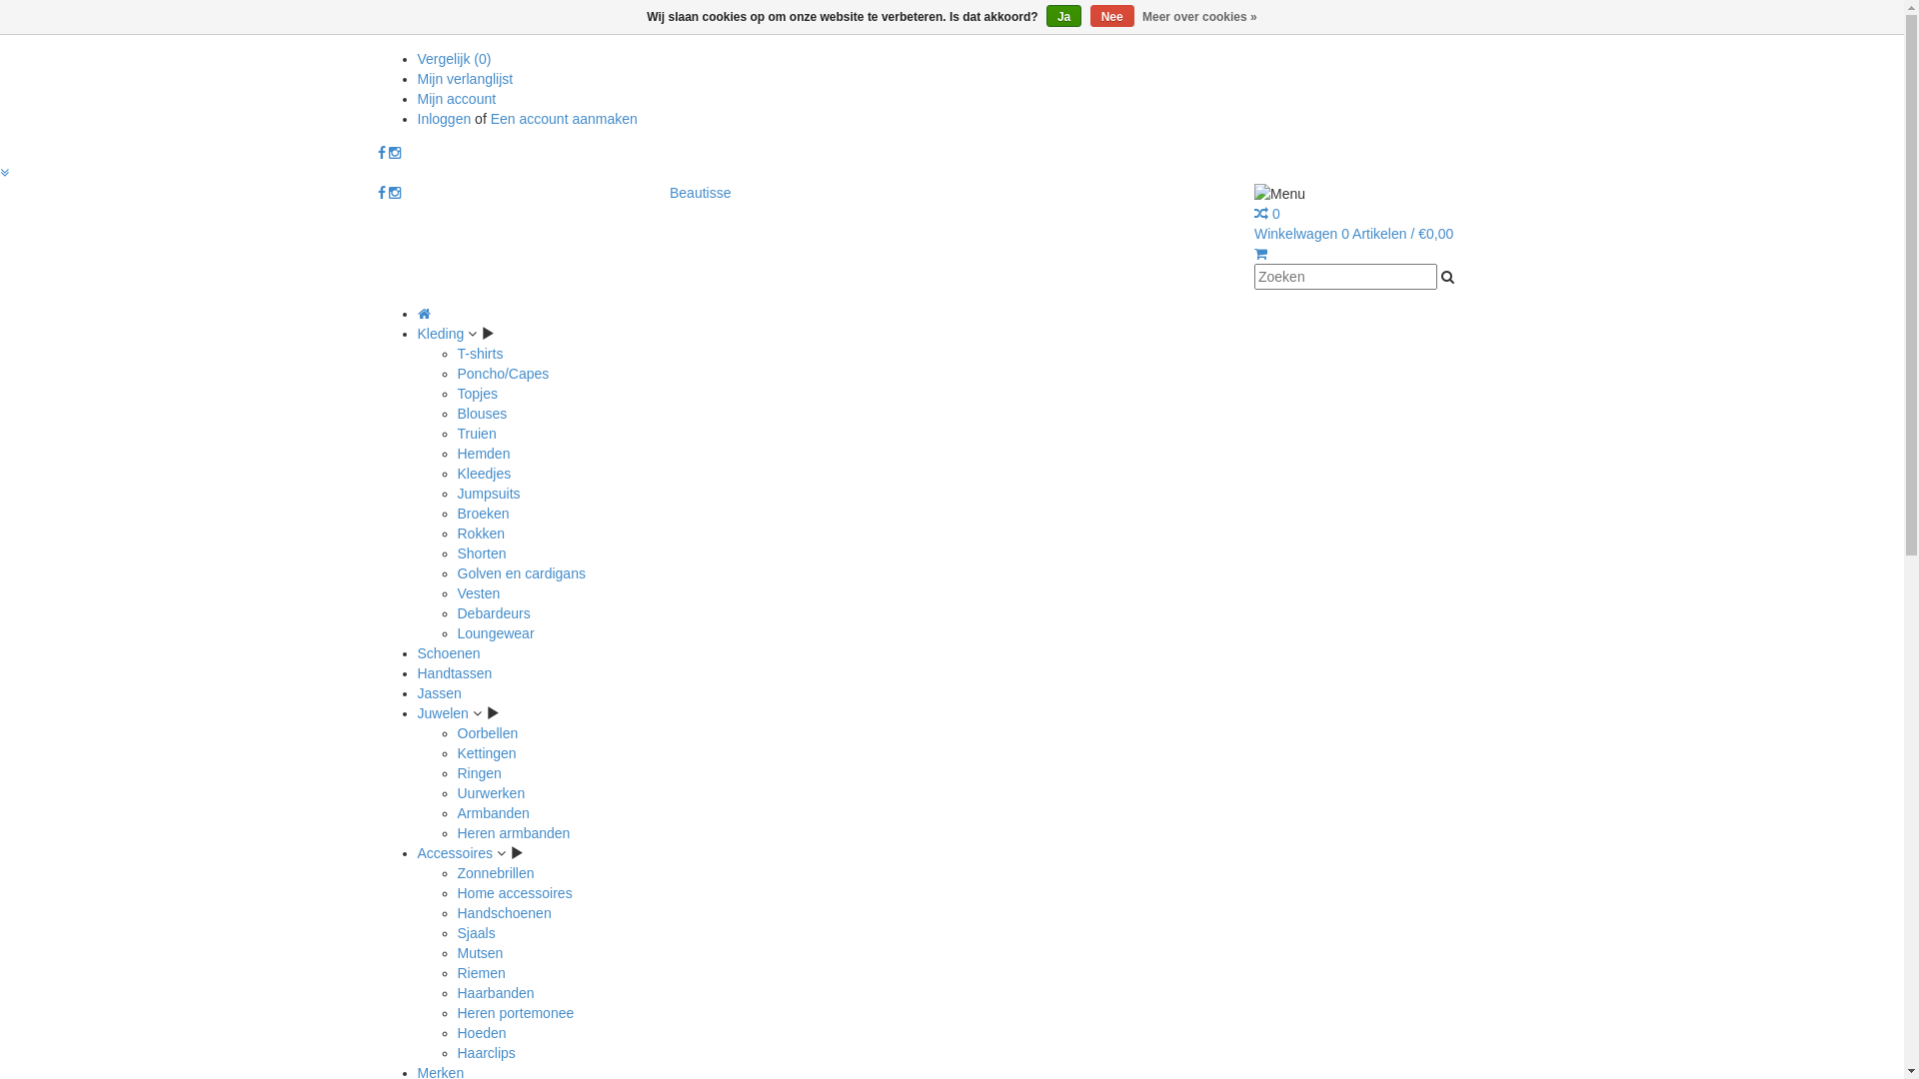  I want to click on 'Hoeden', so click(482, 1032).